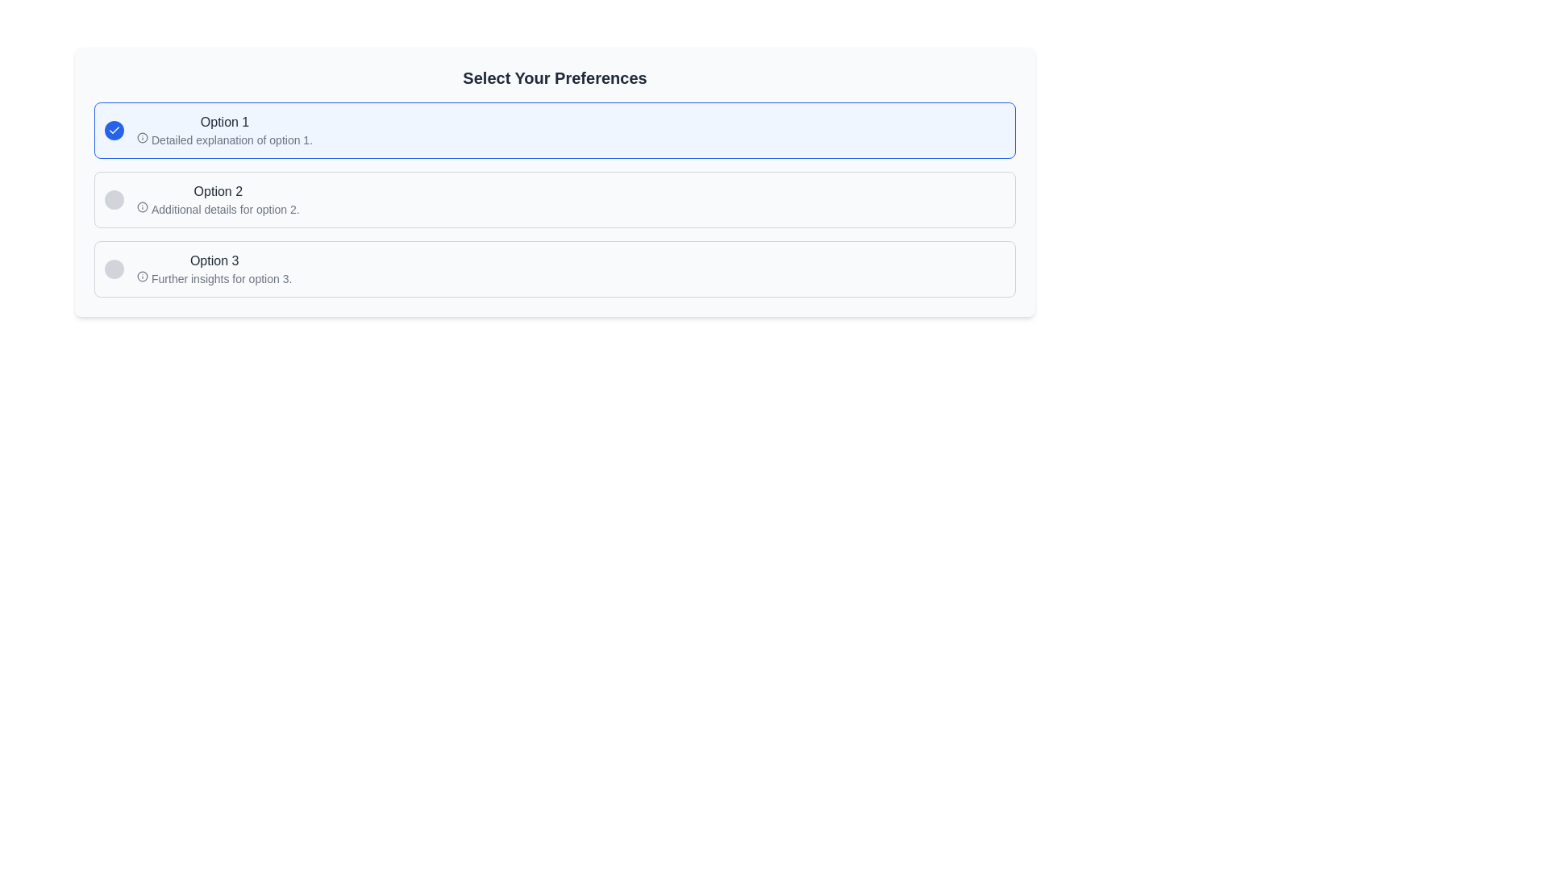 The image size is (1548, 871). Describe the element at coordinates (143, 276) in the screenshot. I see `the Info Icon located before the descriptive text of 'Option 3', which serves as an indicator for supplementary information` at that location.